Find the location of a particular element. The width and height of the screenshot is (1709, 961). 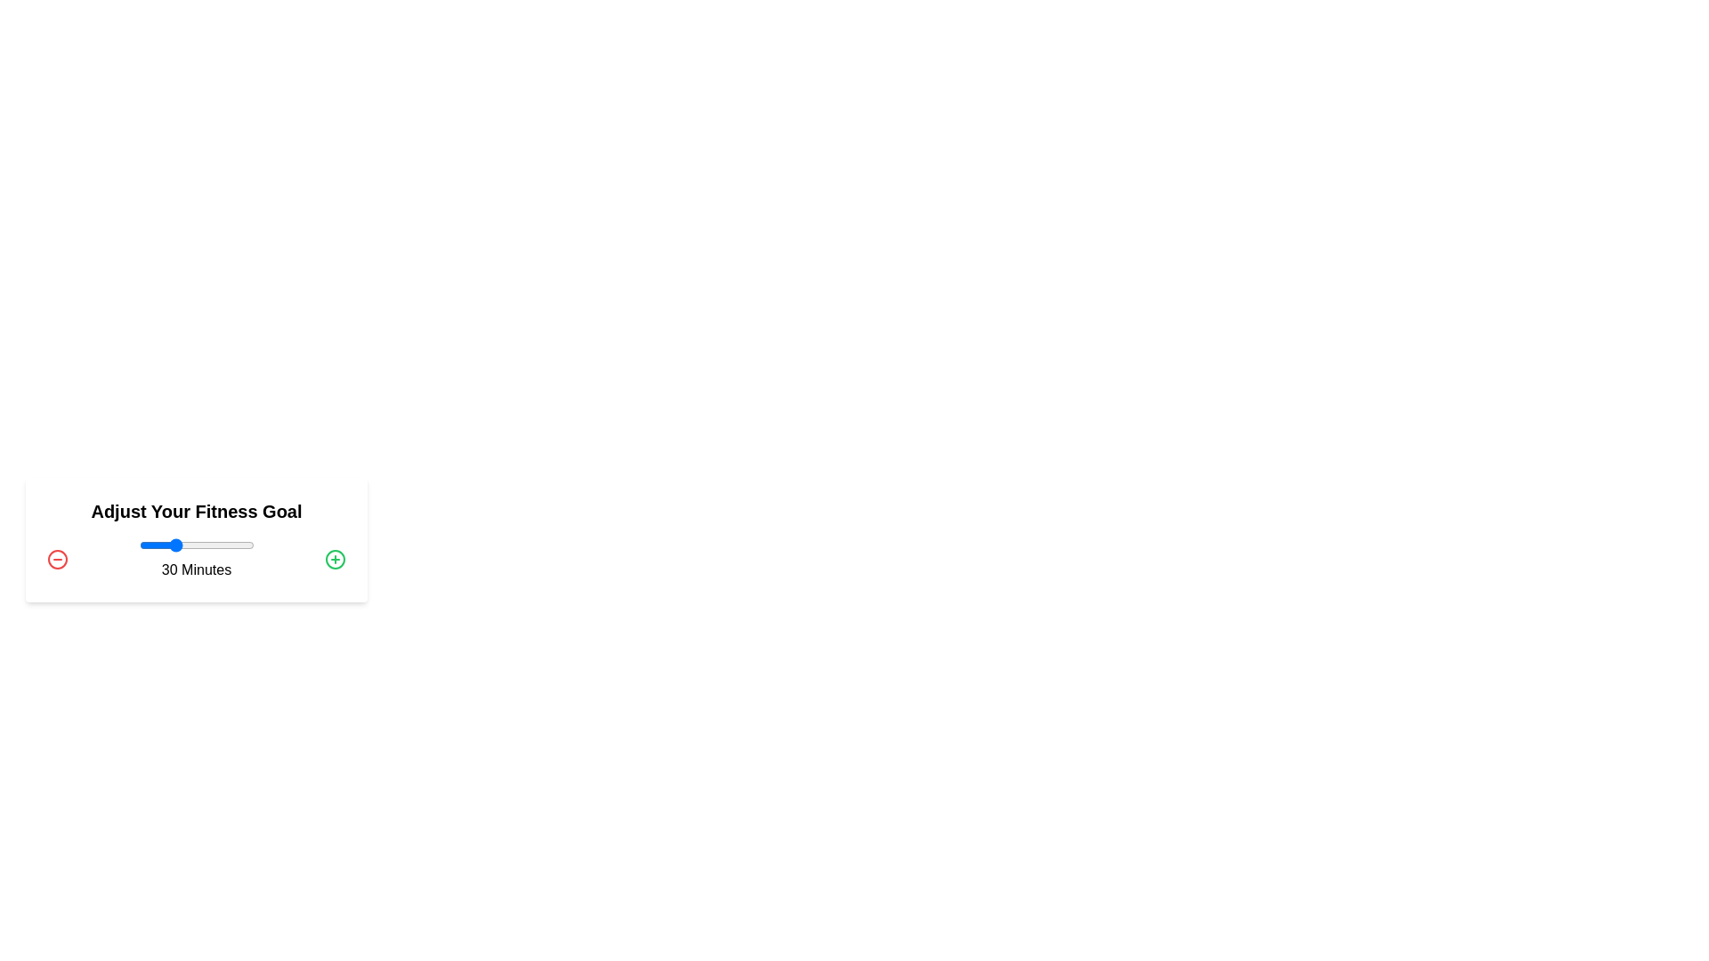

the bold text header displaying 'Adjust Your Fitness Goal', which is prominently positioned at the top of a card-like layout is located at coordinates (196, 511).